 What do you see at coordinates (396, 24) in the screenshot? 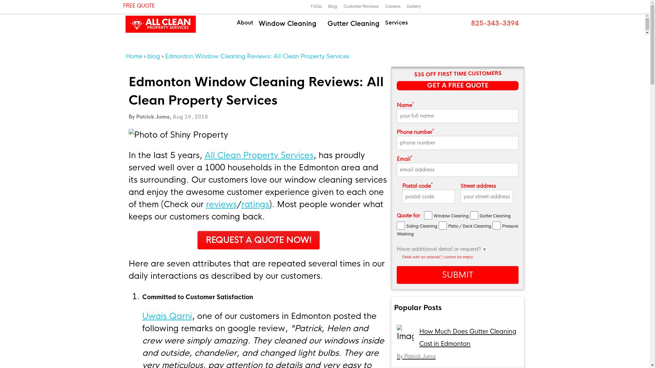
I see `'Services'` at bounding box center [396, 24].